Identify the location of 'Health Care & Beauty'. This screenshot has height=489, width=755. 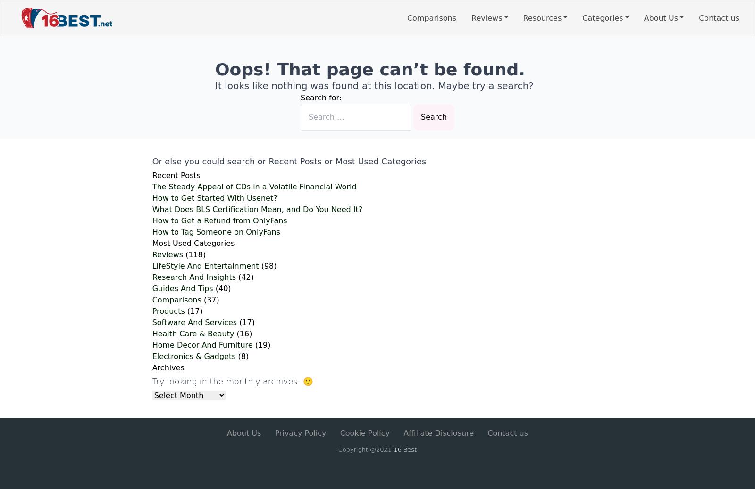
(192, 333).